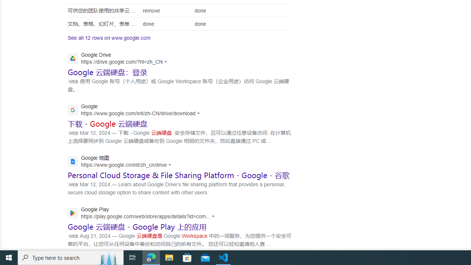 The height and width of the screenshot is (265, 471). I want to click on 'Google Drive', so click(120, 59).